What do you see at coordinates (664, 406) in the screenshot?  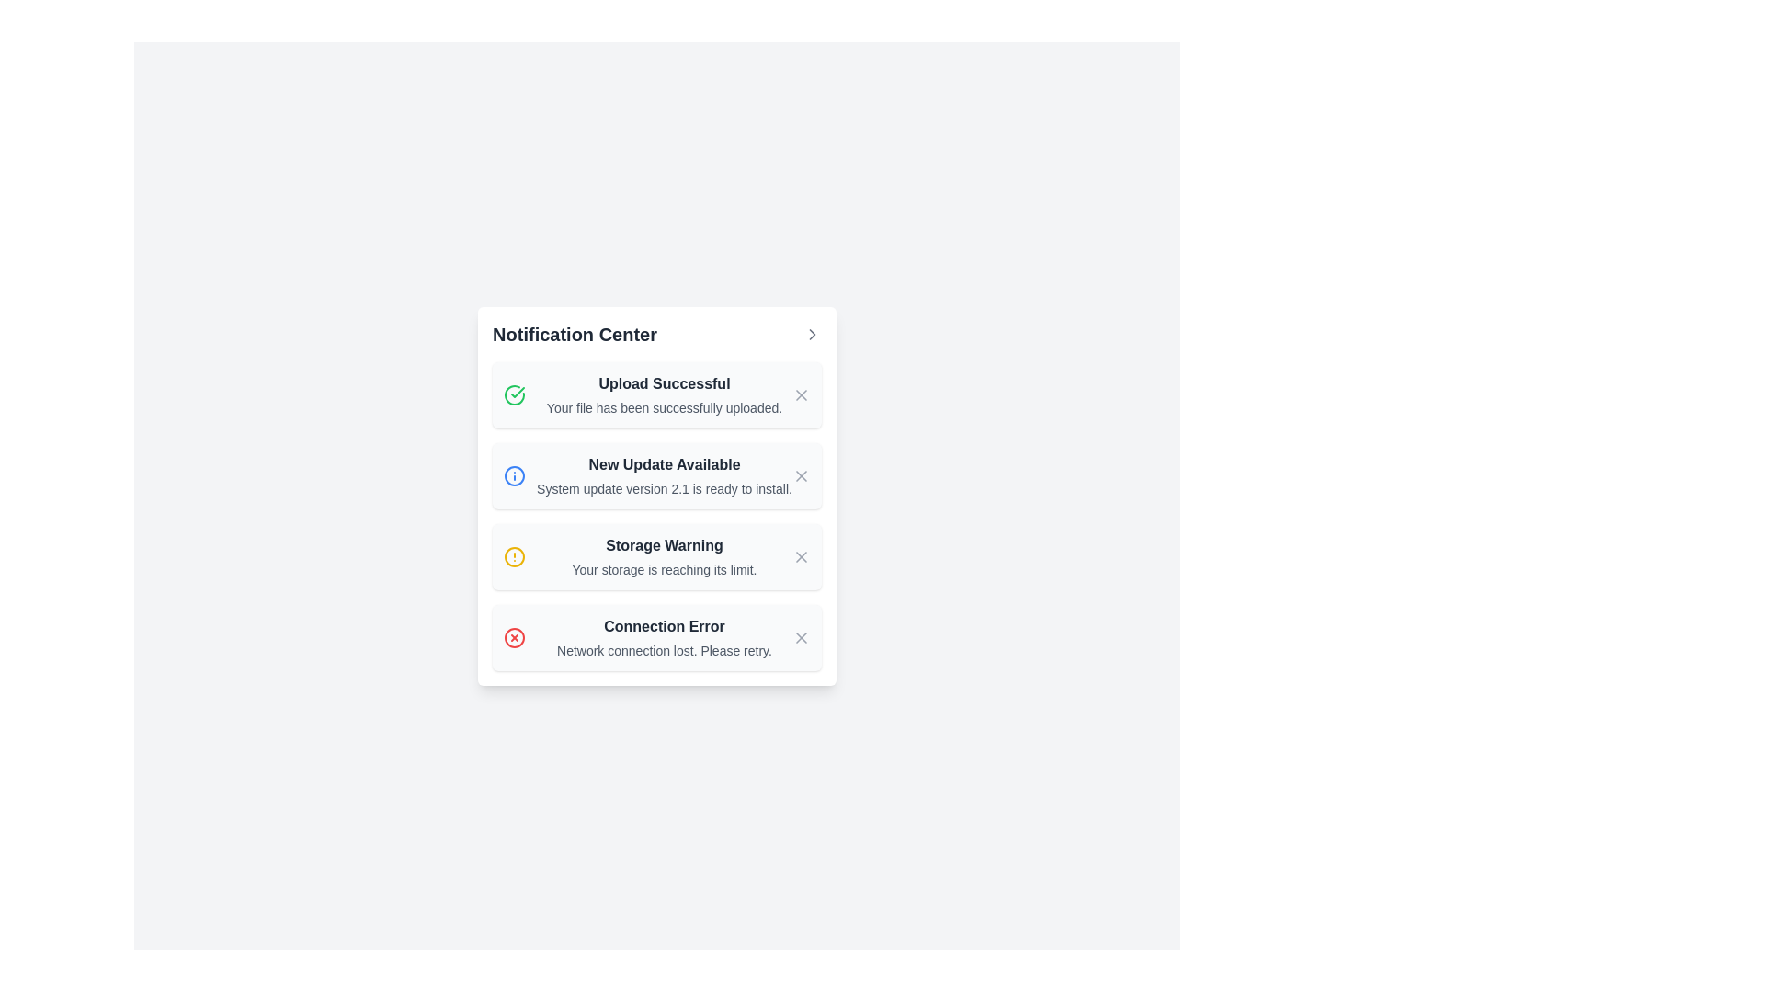 I see `the text label stating 'Your file has been successfully uploaded.', which is styled in light gray and positioned below the 'Upload Successful' title in the notification center` at bounding box center [664, 406].